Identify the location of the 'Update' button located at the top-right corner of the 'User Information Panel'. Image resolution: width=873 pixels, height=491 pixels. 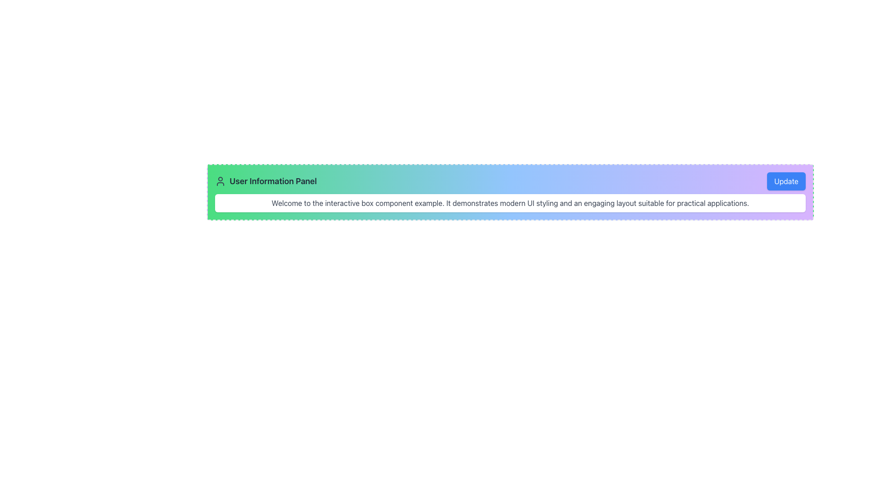
(786, 181).